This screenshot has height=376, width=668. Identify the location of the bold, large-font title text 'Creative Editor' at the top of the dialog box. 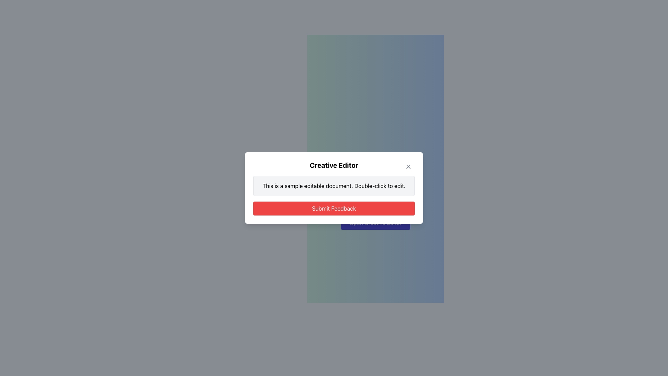
(334, 165).